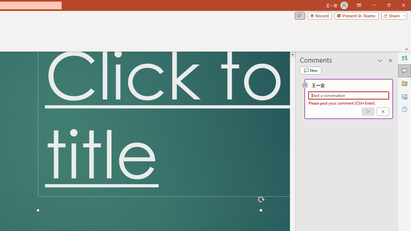 Image resolution: width=411 pixels, height=231 pixels. What do you see at coordinates (404, 96) in the screenshot?
I see `'Alt Text'` at bounding box center [404, 96].